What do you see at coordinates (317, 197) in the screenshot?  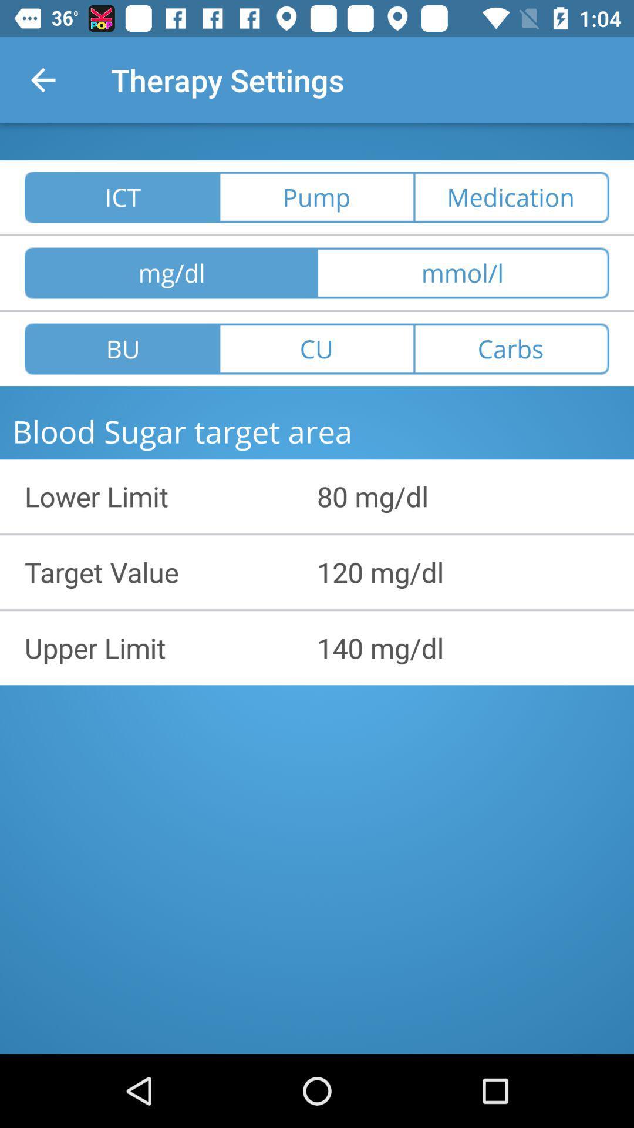 I see `pump right to ict` at bounding box center [317, 197].